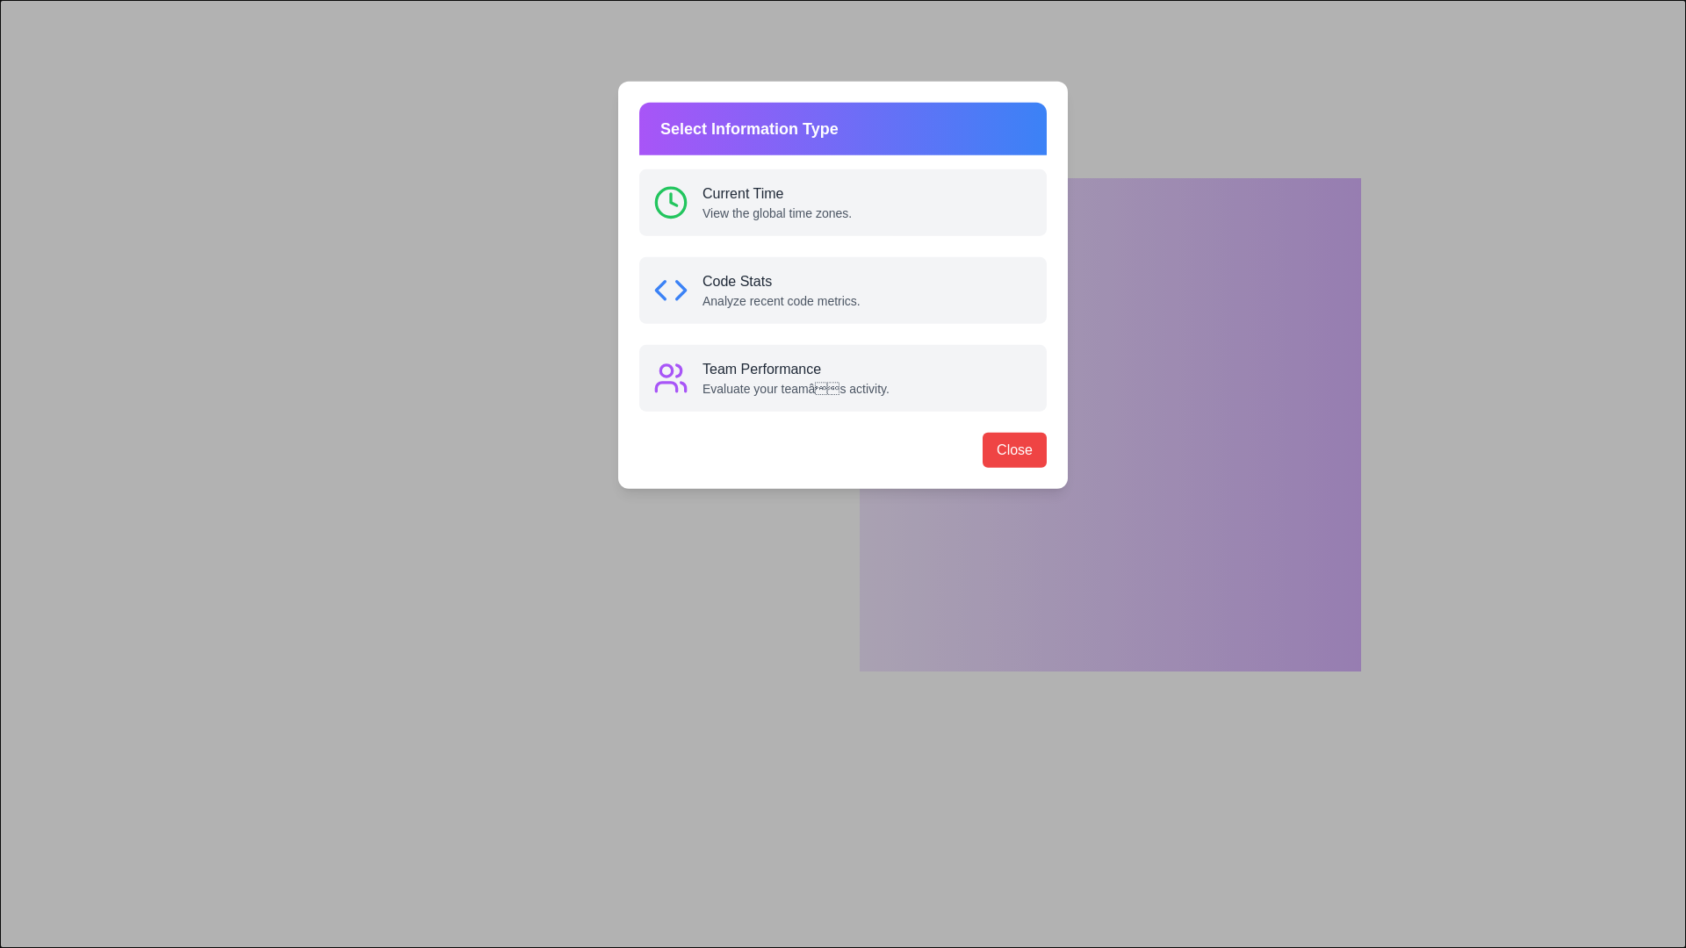  What do you see at coordinates (877, 351) in the screenshot?
I see `the information section labeled 'Team Performance' to explore its details` at bounding box center [877, 351].